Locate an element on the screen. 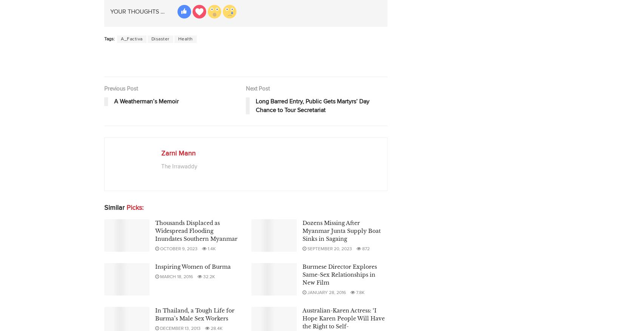 The height and width of the screenshot is (331, 639). 'March 18, 2016' is located at coordinates (175, 277).